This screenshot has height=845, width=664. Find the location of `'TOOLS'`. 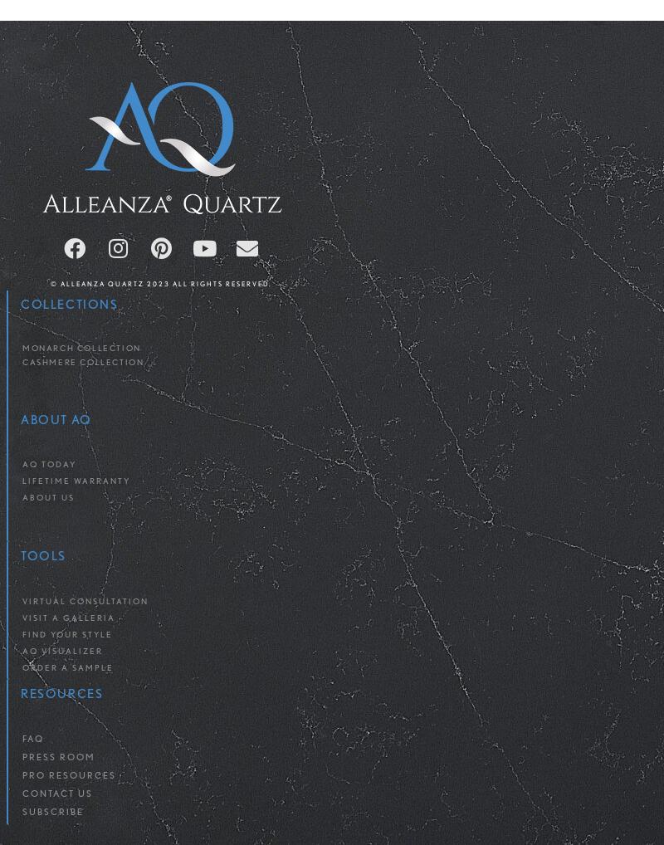

'TOOLS' is located at coordinates (42, 556).